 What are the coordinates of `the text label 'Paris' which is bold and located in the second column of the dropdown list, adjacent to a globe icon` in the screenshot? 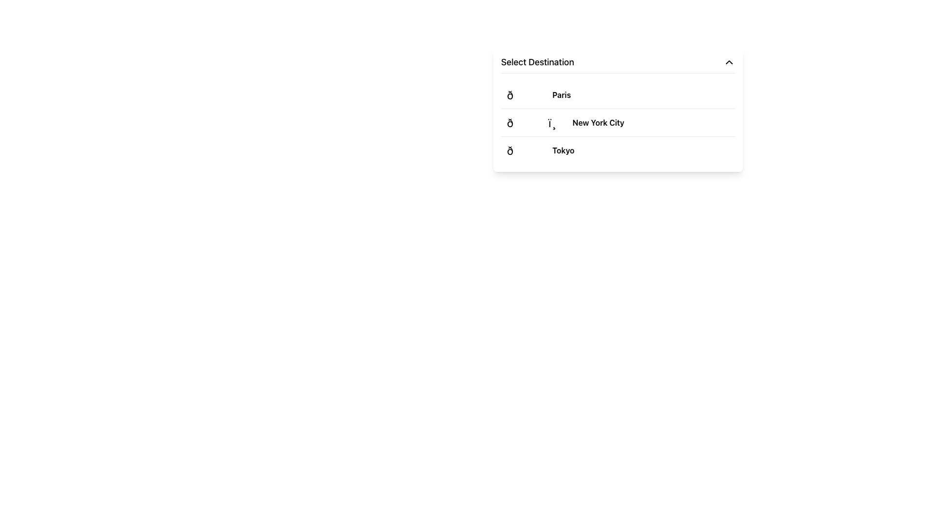 It's located at (562, 95).